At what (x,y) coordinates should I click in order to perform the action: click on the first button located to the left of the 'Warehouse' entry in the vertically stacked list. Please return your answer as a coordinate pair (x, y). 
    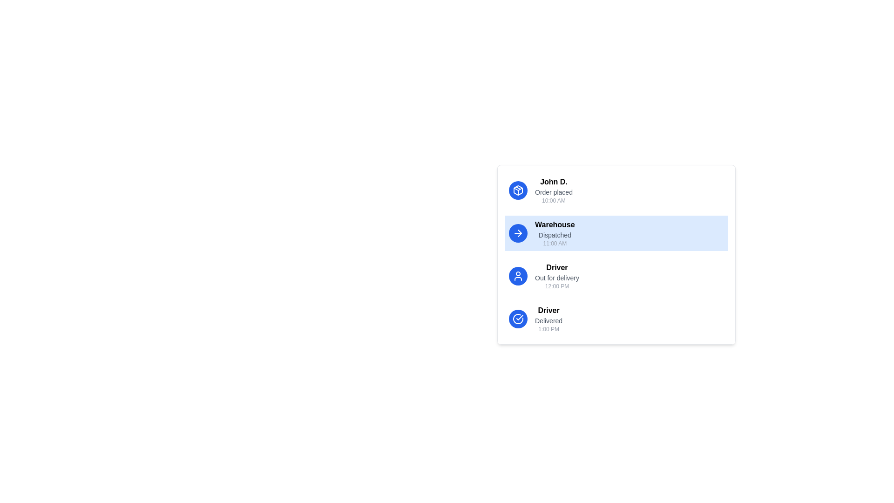
    Looking at the image, I should click on (518, 233).